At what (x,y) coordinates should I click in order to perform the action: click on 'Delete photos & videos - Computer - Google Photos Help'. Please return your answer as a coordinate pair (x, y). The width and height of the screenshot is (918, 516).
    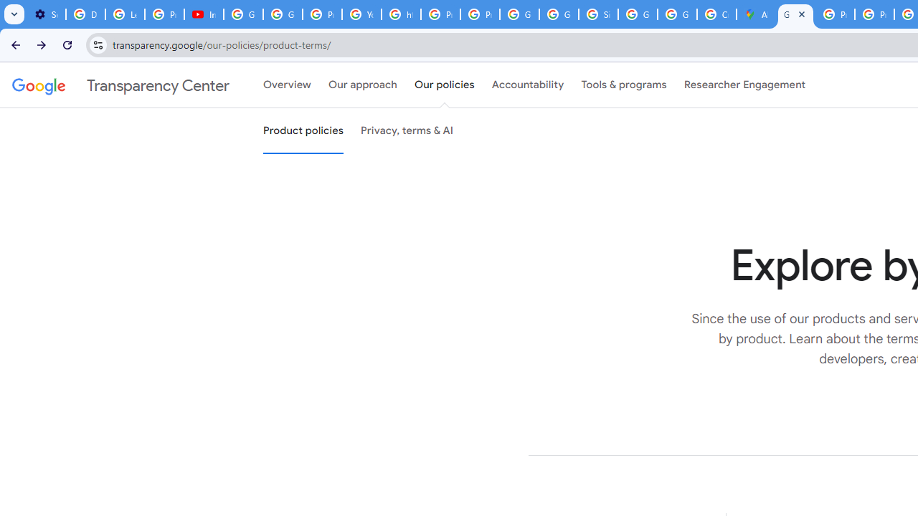
    Looking at the image, I should click on (85, 14).